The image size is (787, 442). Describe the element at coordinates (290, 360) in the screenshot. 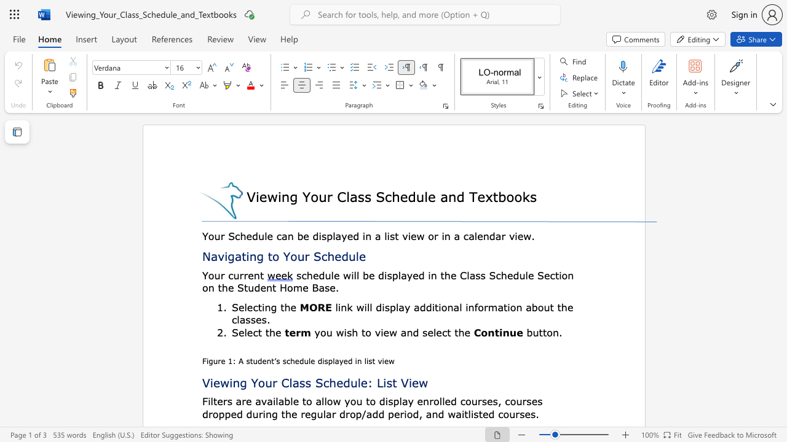

I see `the subset text "hedule displ" within the text "Figure 1: A student’s schedule displayed in list view"` at that location.